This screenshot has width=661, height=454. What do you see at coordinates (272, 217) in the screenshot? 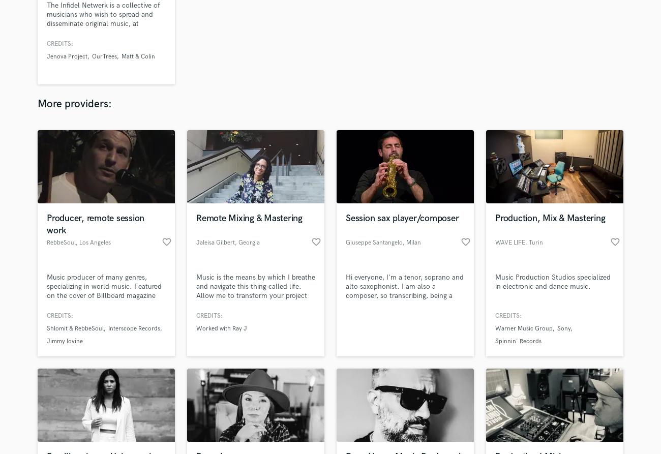
I see `'Percussion'` at bounding box center [272, 217].